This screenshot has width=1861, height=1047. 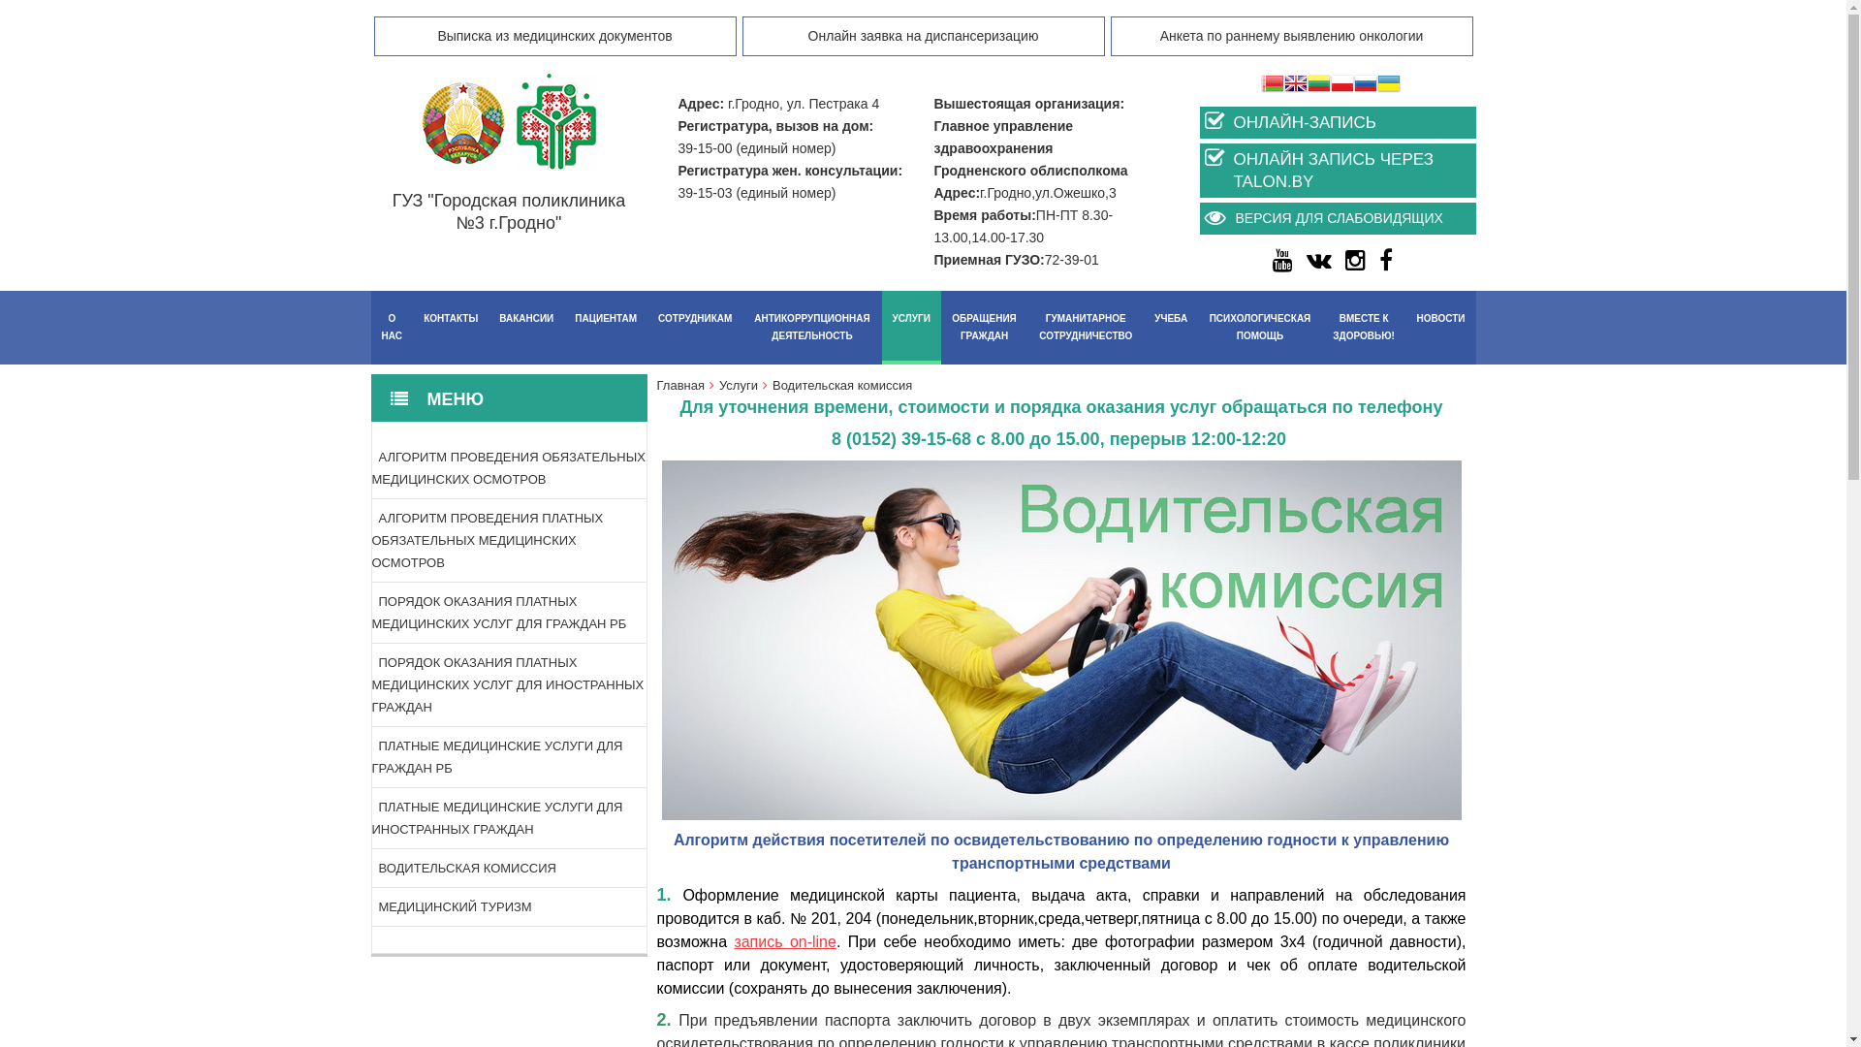 What do you see at coordinates (1340, 84) in the screenshot?
I see `'Polish'` at bounding box center [1340, 84].